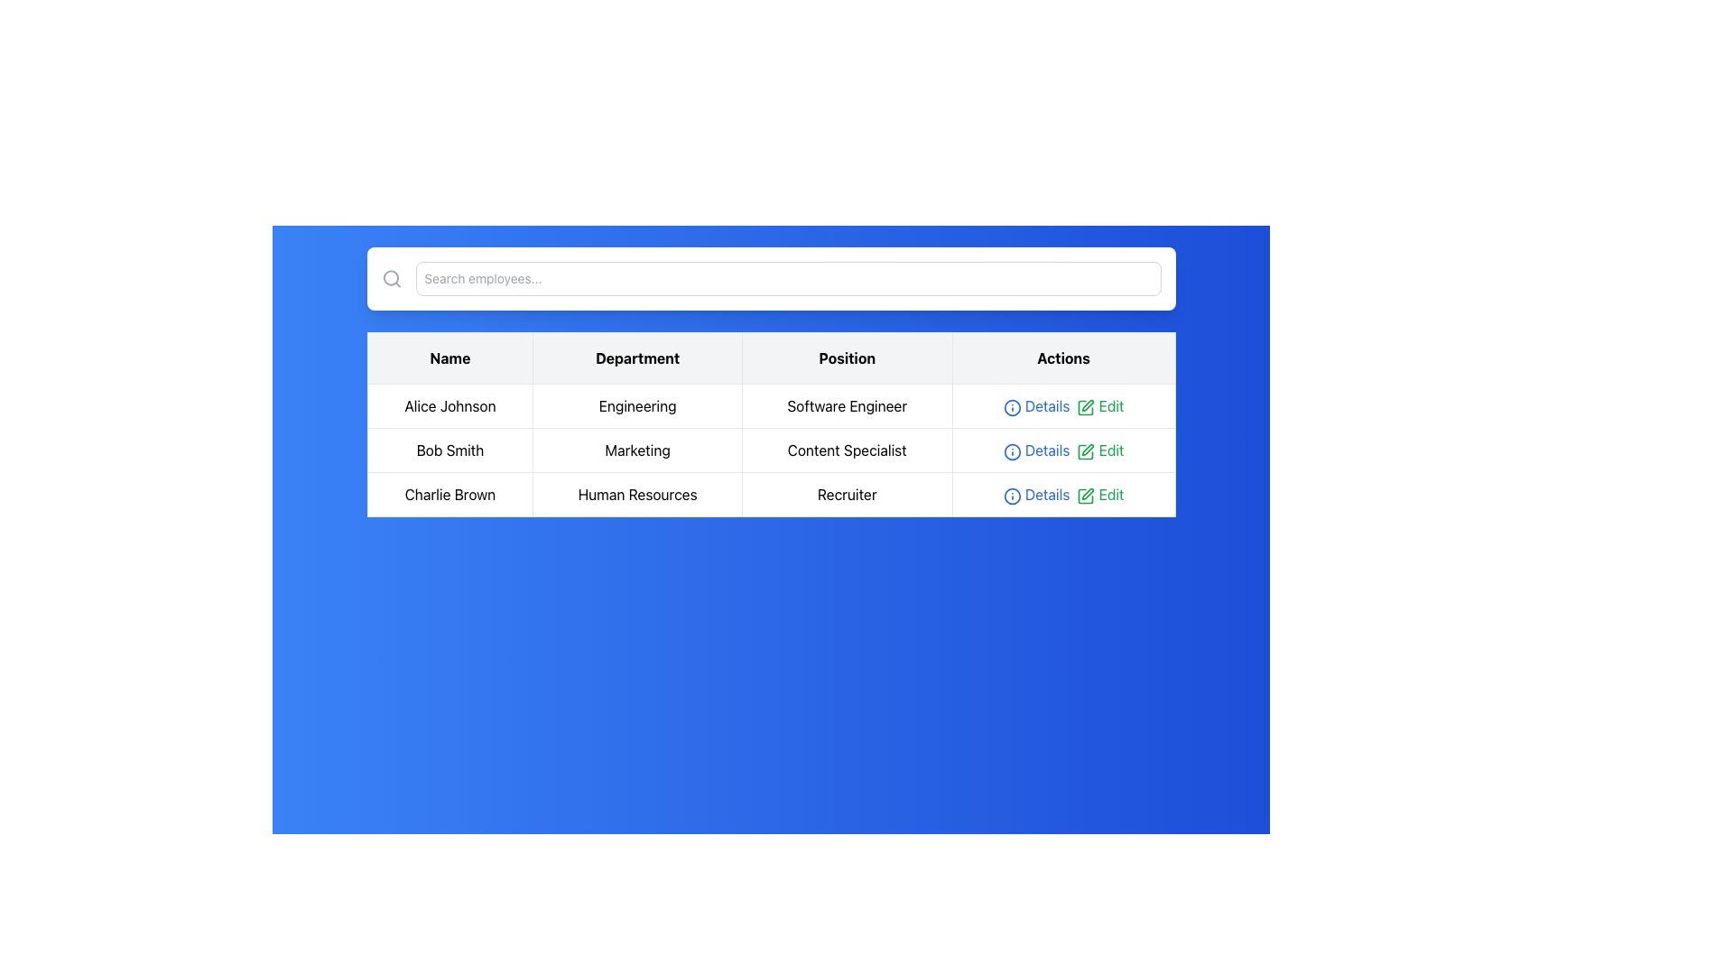  Describe the element at coordinates (450, 494) in the screenshot. I see `the static text label displaying 'Charlie Brown', which is located in the first column of the third row of a table on a blue background` at that location.